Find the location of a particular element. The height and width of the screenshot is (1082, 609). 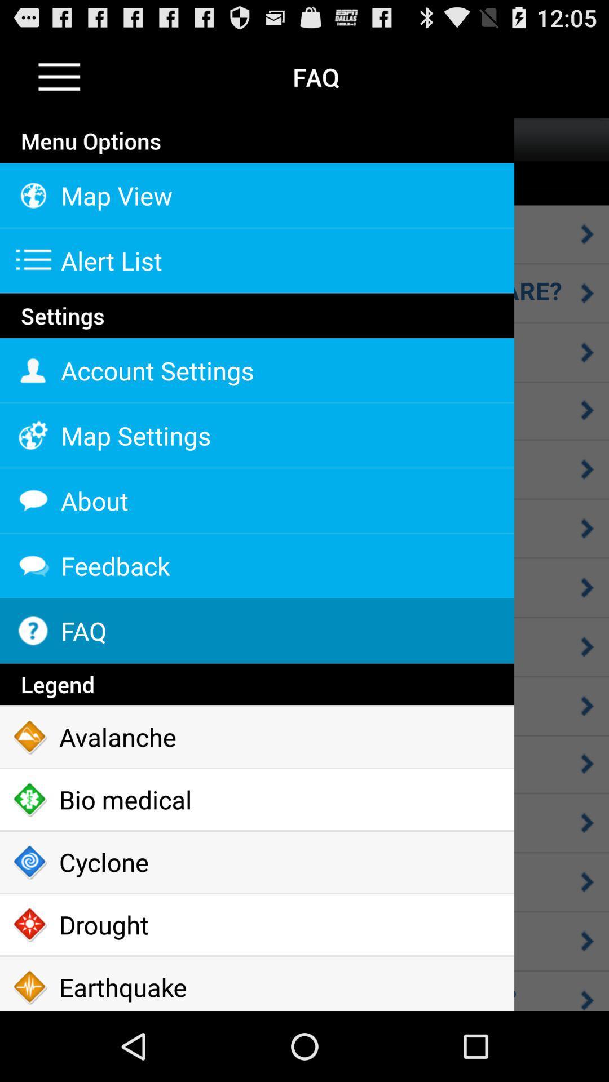

alert list is located at coordinates (257, 260).